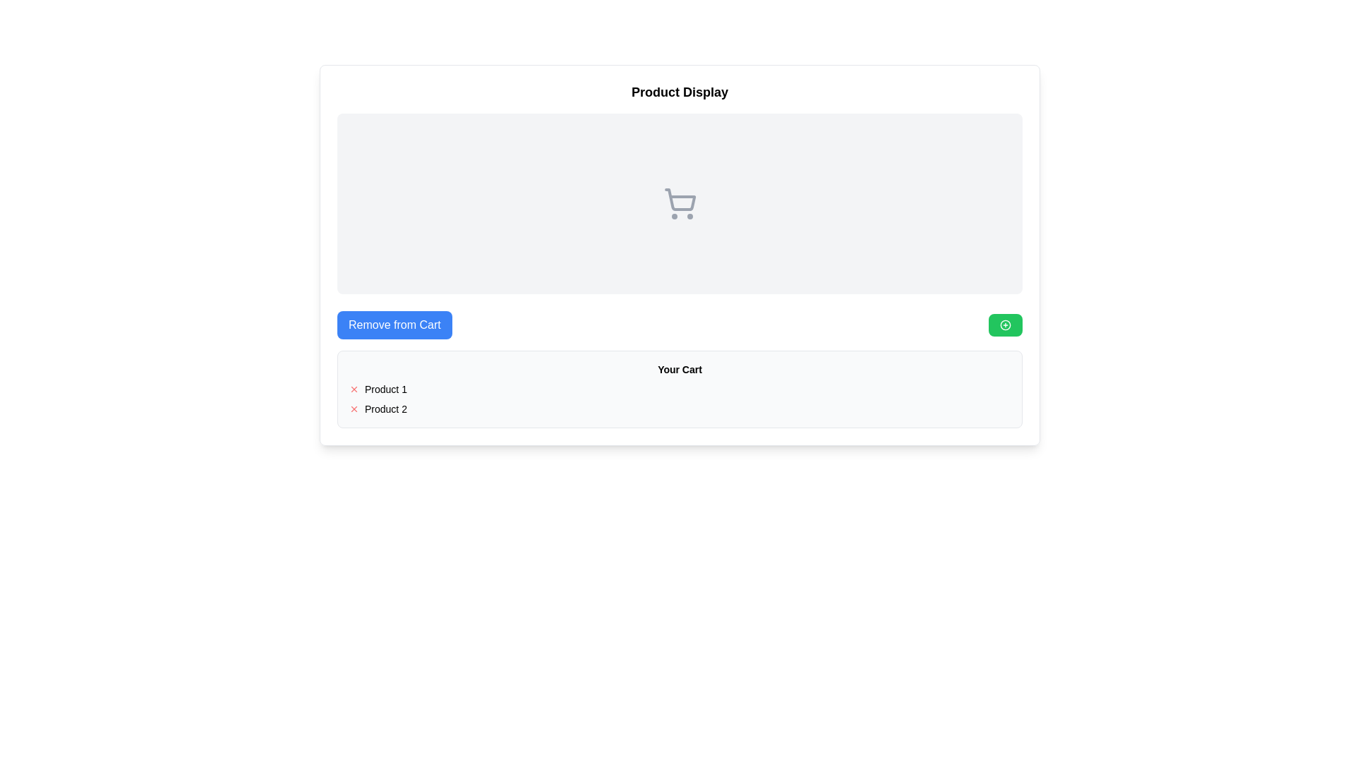 Image resolution: width=1355 pixels, height=762 pixels. I want to click on the red cross icon, so click(354, 409).